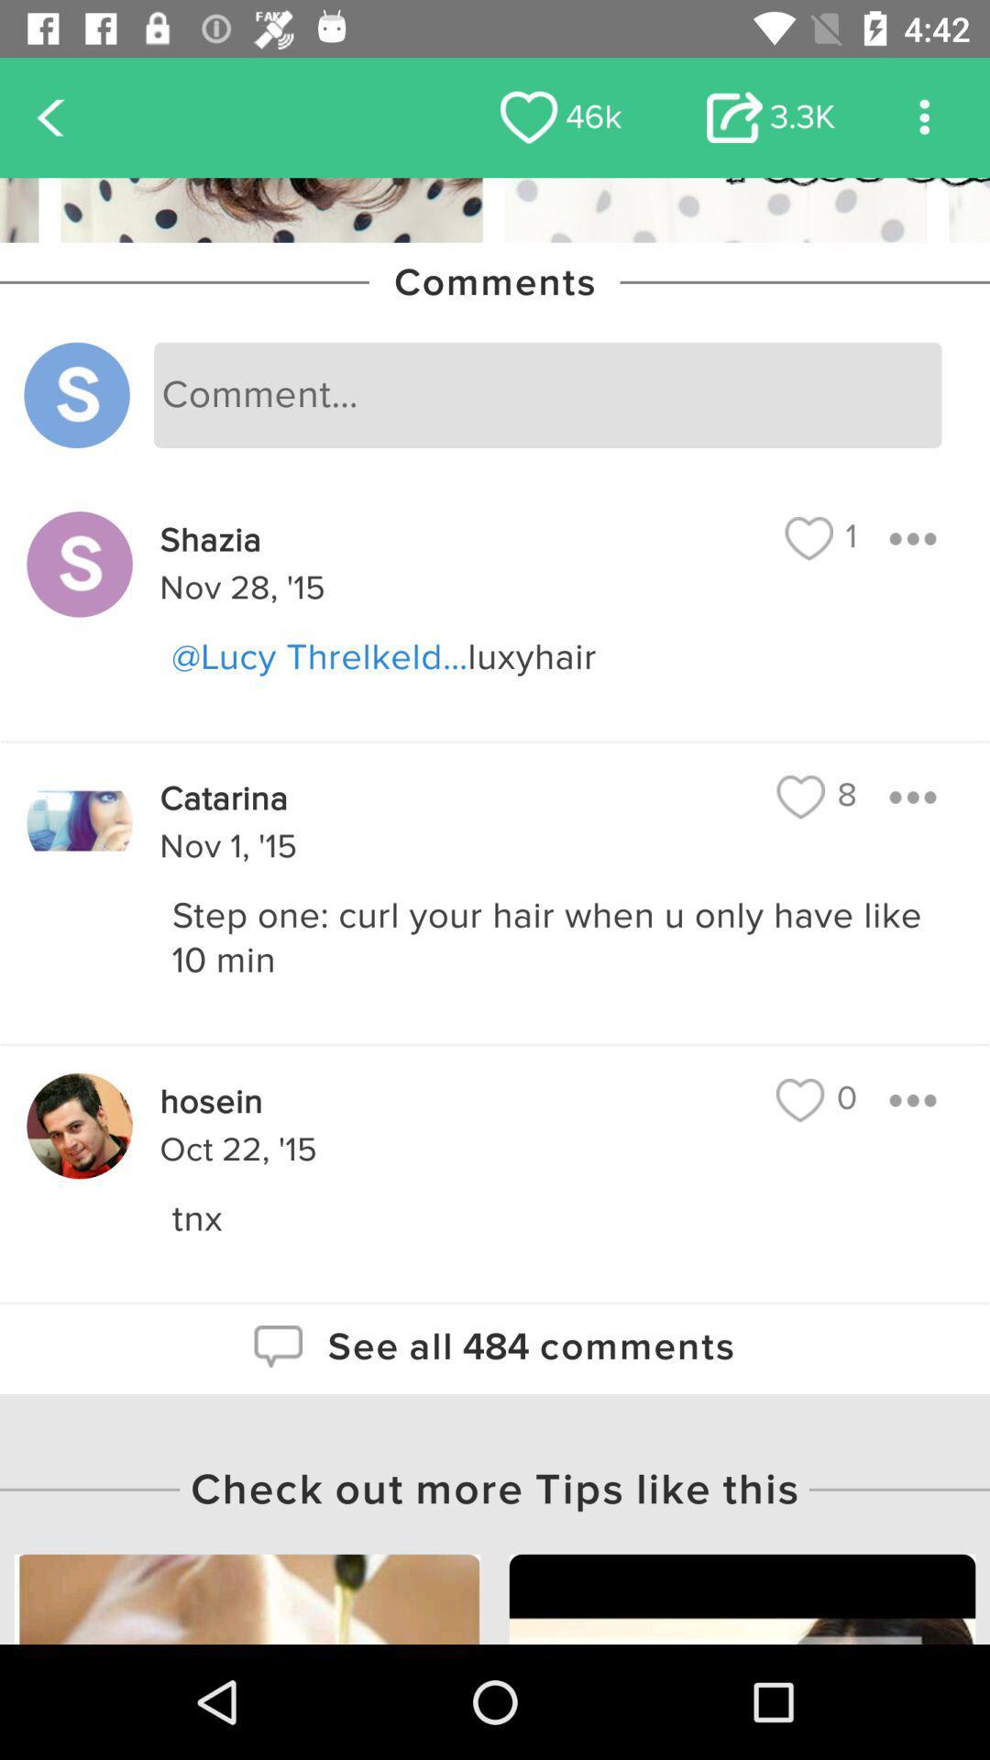  I want to click on get more options for comment, so click(912, 797).